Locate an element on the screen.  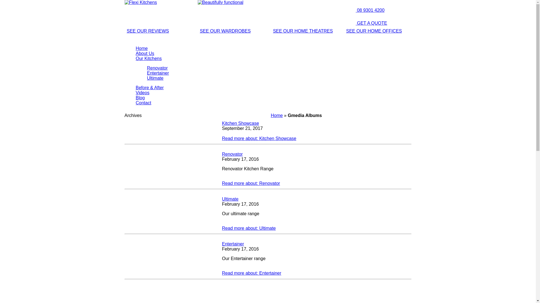
'Read more about: Renovator' is located at coordinates (251, 183).